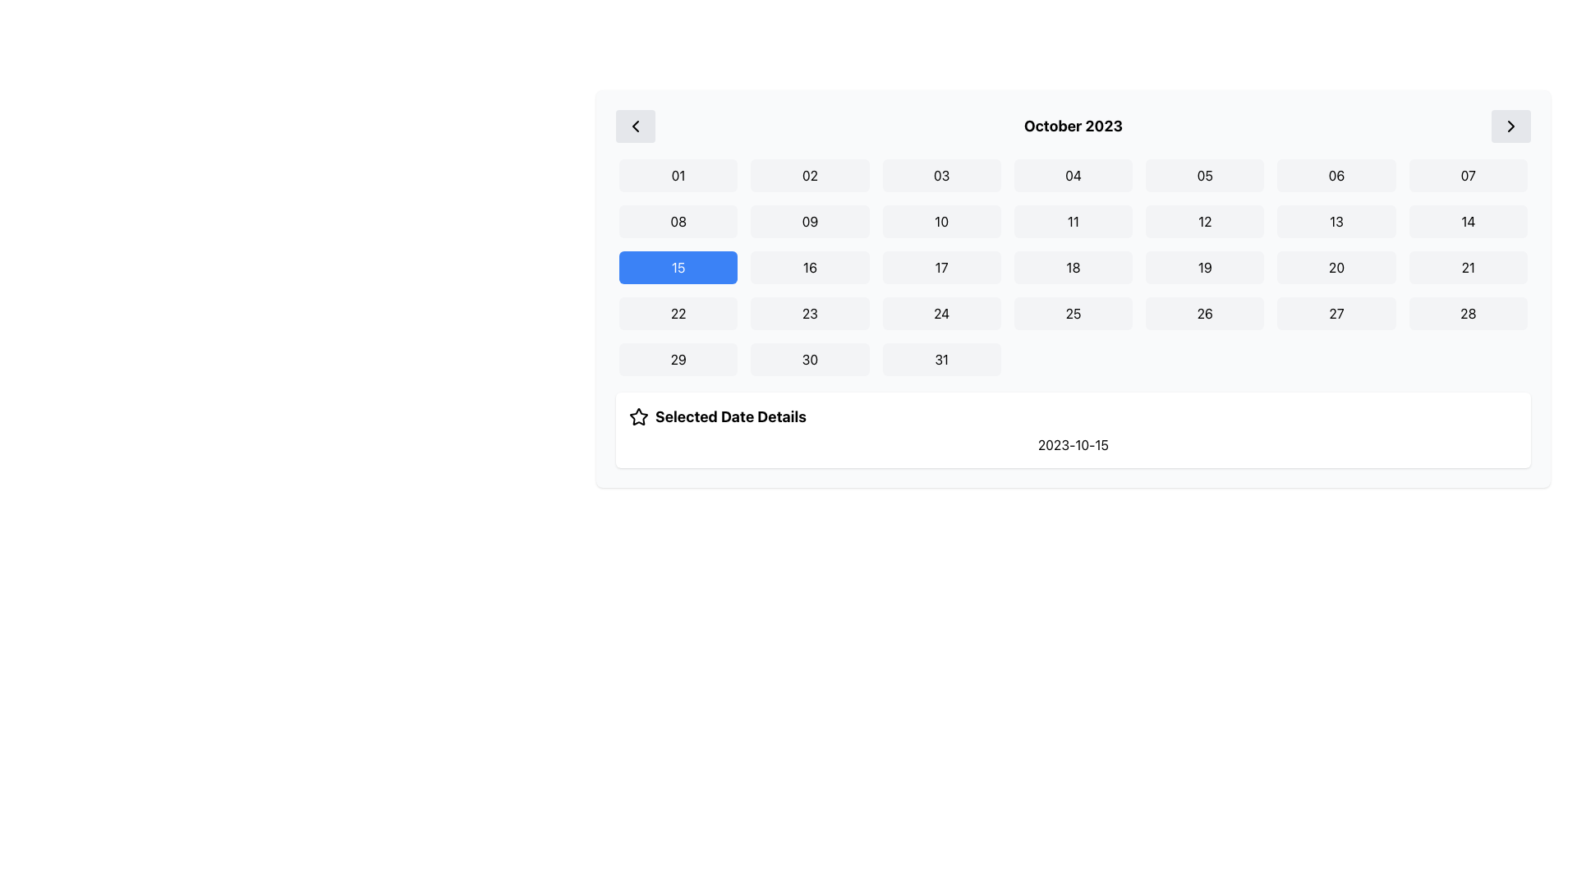 Image resolution: width=1577 pixels, height=887 pixels. Describe the element at coordinates (810, 175) in the screenshot. I see `the button labeled '02' in the calendar grid` at that location.